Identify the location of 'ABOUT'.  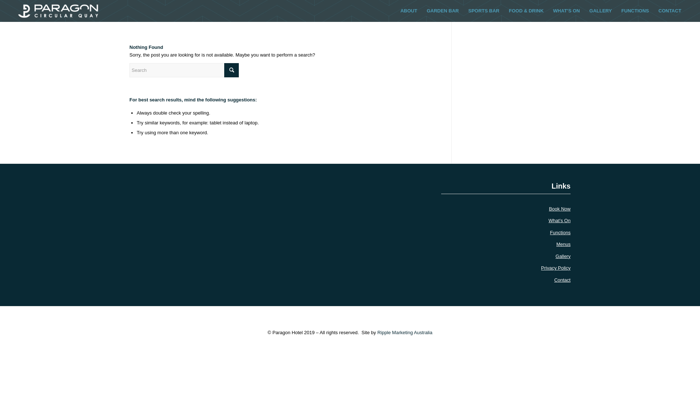
(409, 11).